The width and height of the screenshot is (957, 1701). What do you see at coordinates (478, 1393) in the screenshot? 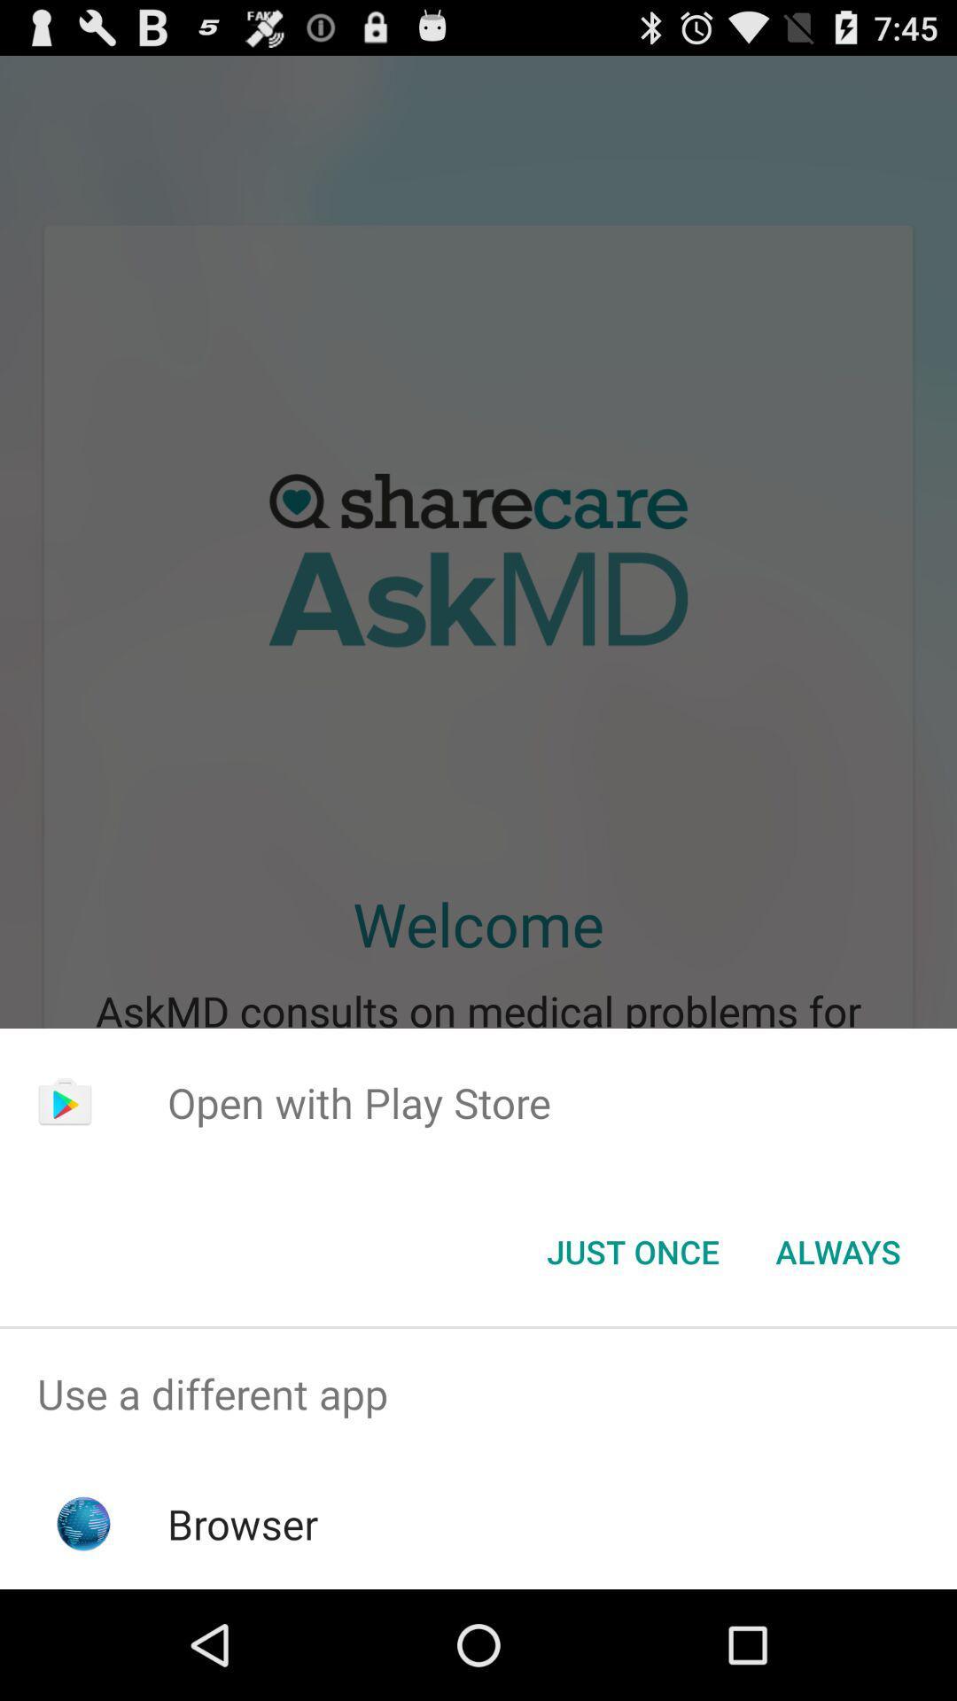
I see `use a different icon` at bounding box center [478, 1393].